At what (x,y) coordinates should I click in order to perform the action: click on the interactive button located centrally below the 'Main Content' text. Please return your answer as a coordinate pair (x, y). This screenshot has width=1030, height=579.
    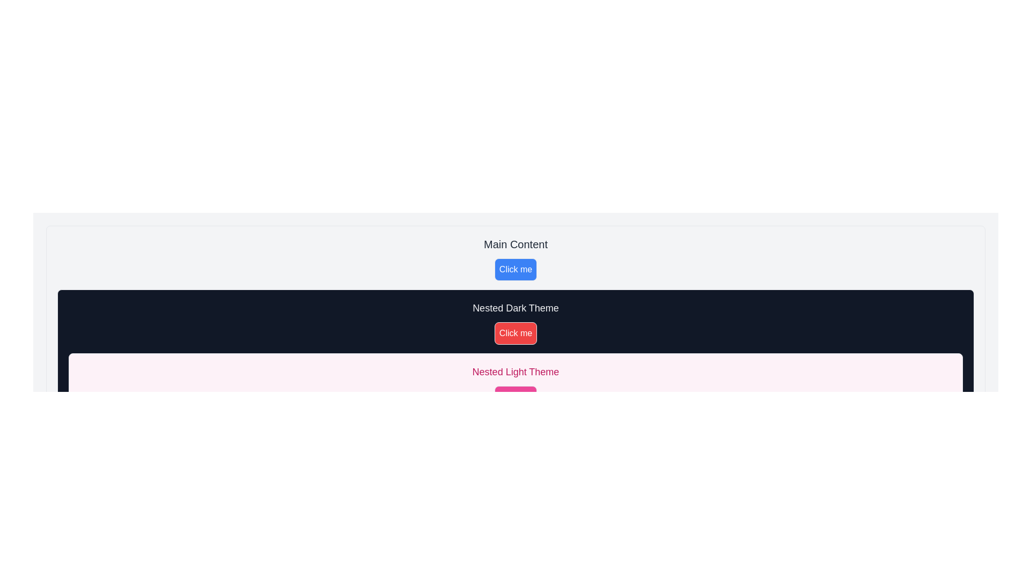
    Looking at the image, I should click on (516, 269).